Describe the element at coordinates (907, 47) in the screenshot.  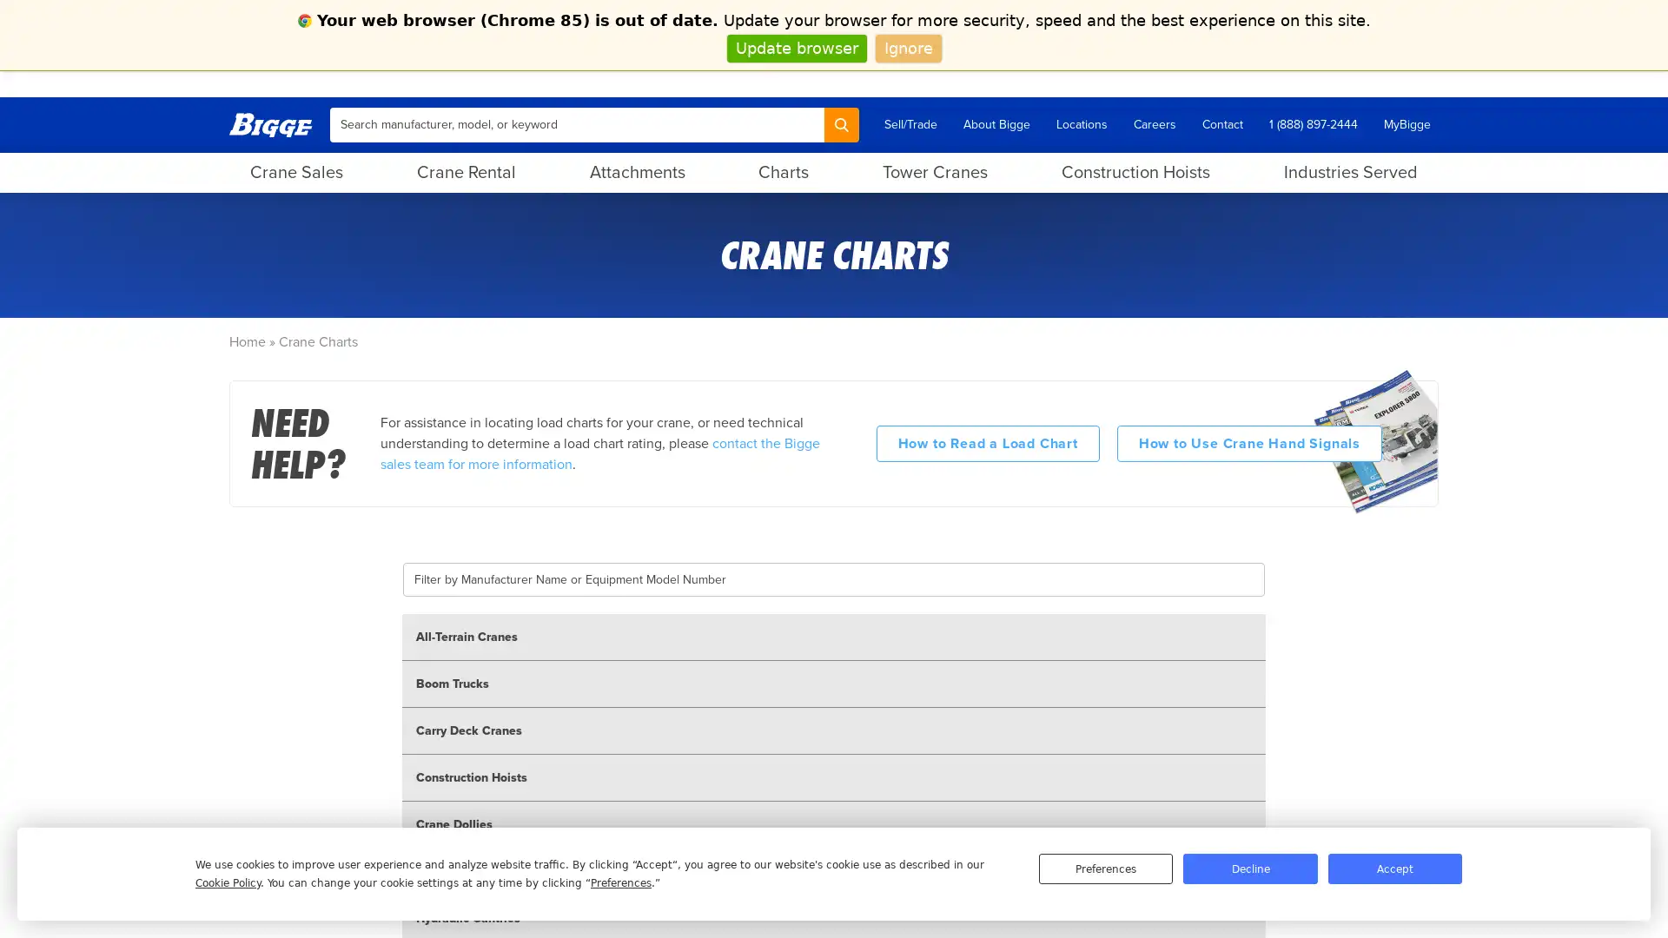
I see `Ignore` at that location.